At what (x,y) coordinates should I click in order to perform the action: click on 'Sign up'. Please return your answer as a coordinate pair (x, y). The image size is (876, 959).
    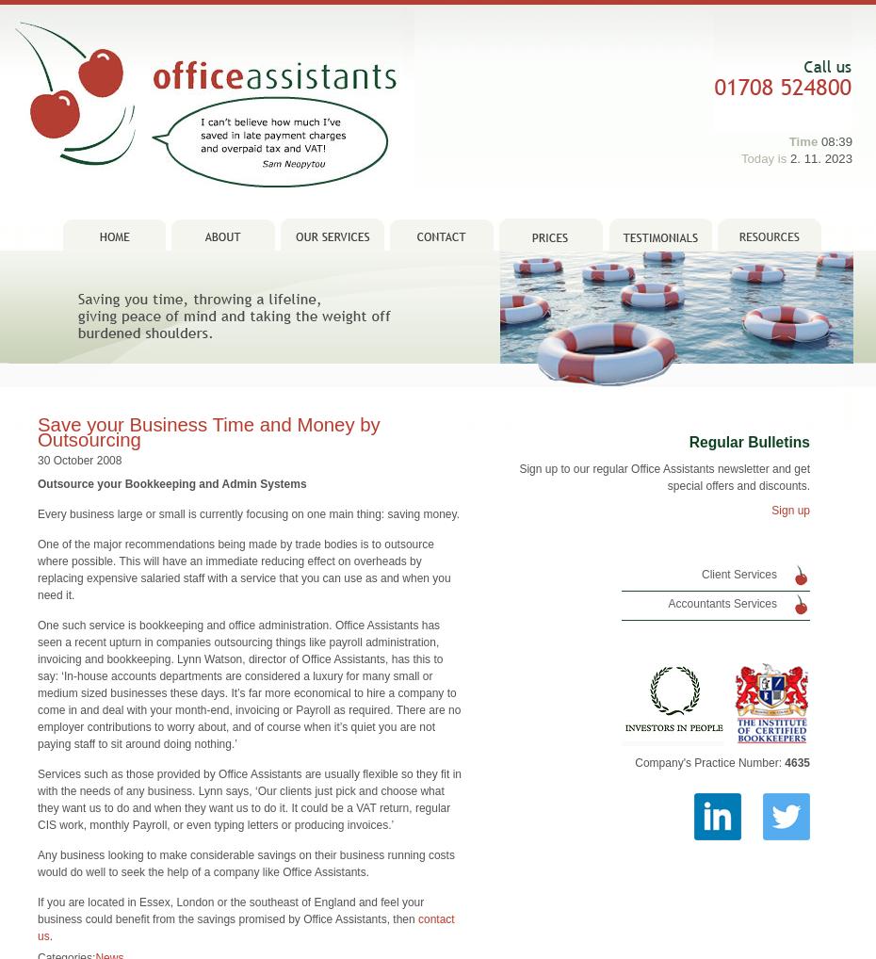
    Looking at the image, I should click on (789, 481).